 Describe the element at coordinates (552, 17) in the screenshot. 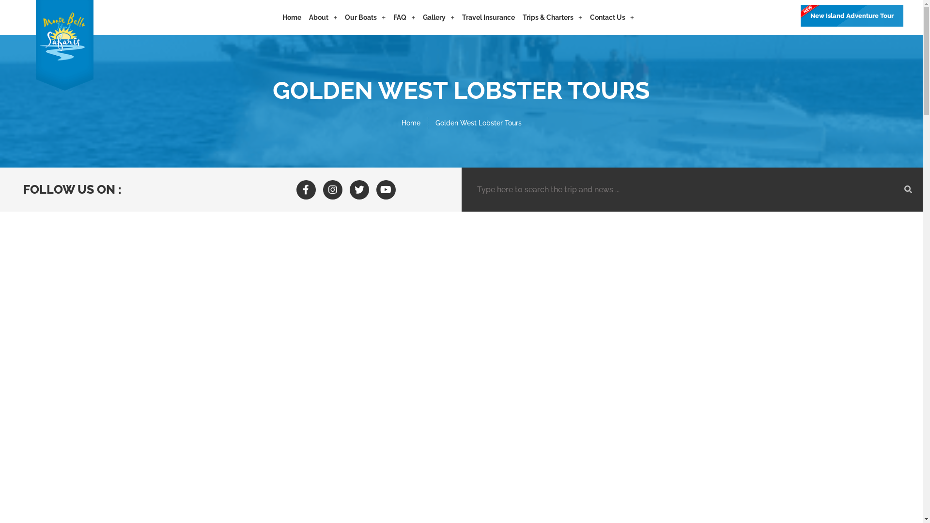

I see `'Trips & Charters'` at that location.